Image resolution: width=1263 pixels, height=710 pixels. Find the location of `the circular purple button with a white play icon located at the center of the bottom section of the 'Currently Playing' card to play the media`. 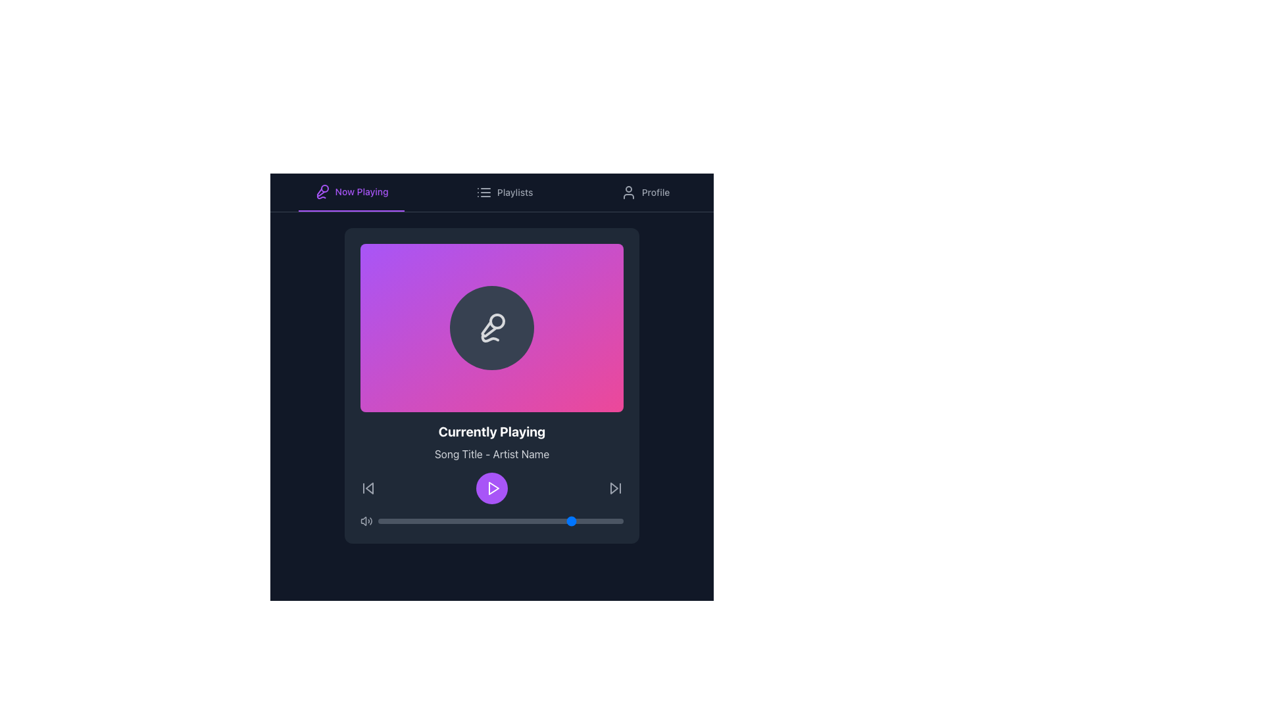

the circular purple button with a white play icon located at the center of the bottom section of the 'Currently Playing' card to play the media is located at coordinates (491, 488).